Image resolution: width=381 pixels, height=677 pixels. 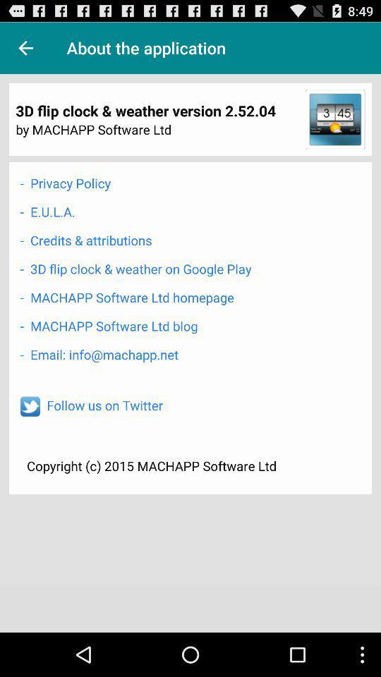 I want to click on item below the email info machapp icon, so click(x=104, y=405).